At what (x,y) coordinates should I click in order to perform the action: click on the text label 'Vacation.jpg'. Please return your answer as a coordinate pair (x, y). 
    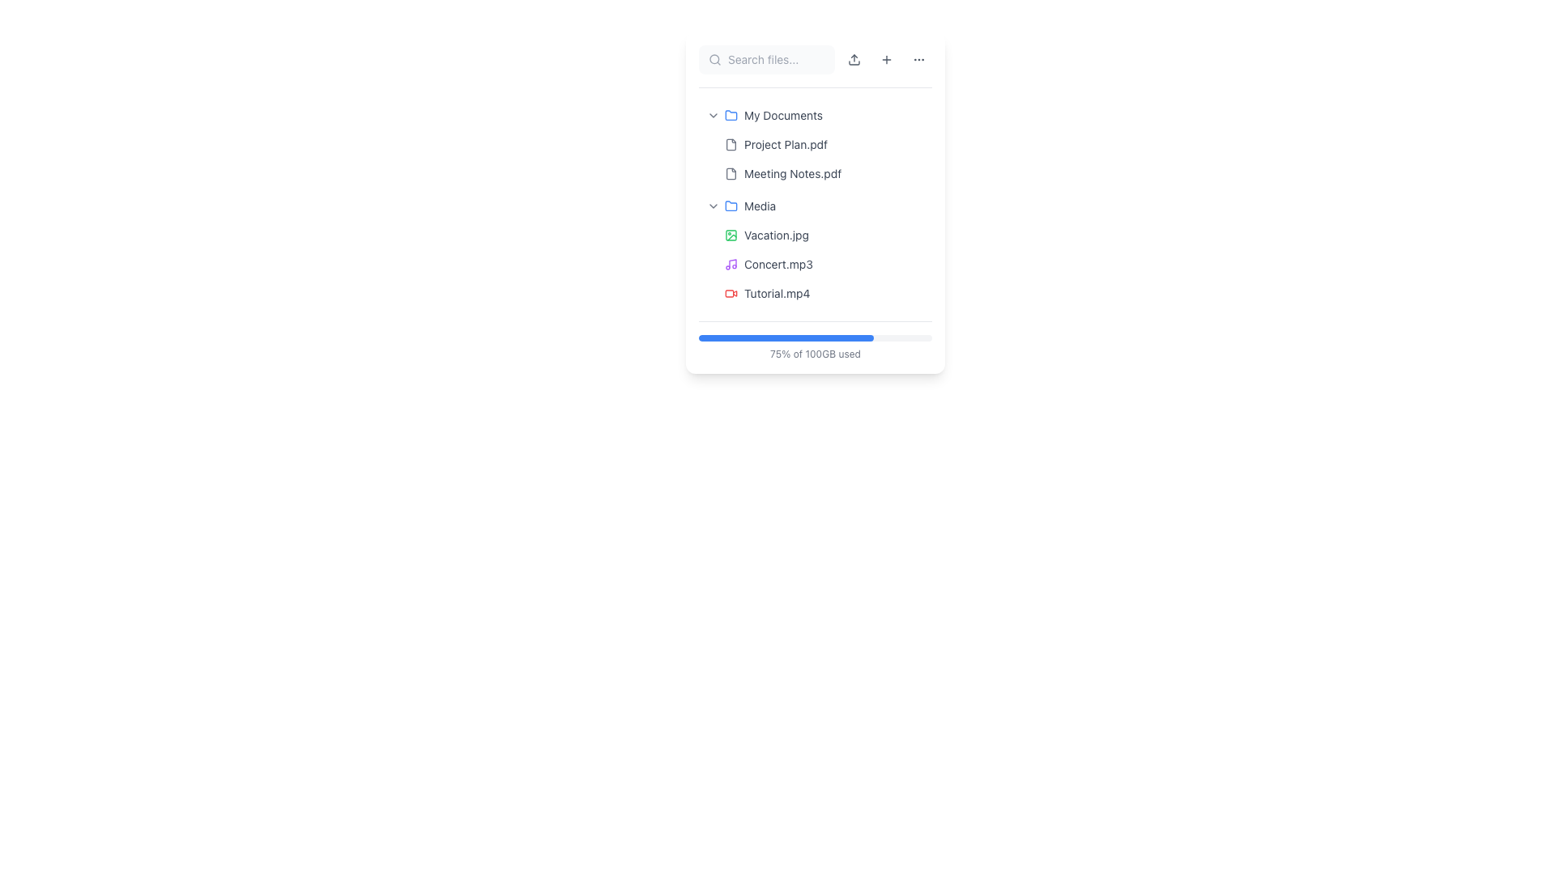
    Looking at the image, I should click on (775, 235).